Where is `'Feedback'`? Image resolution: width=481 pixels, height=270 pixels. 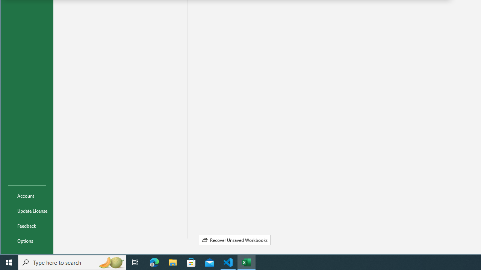
'Feedback' is located at coordinates (27, 225).